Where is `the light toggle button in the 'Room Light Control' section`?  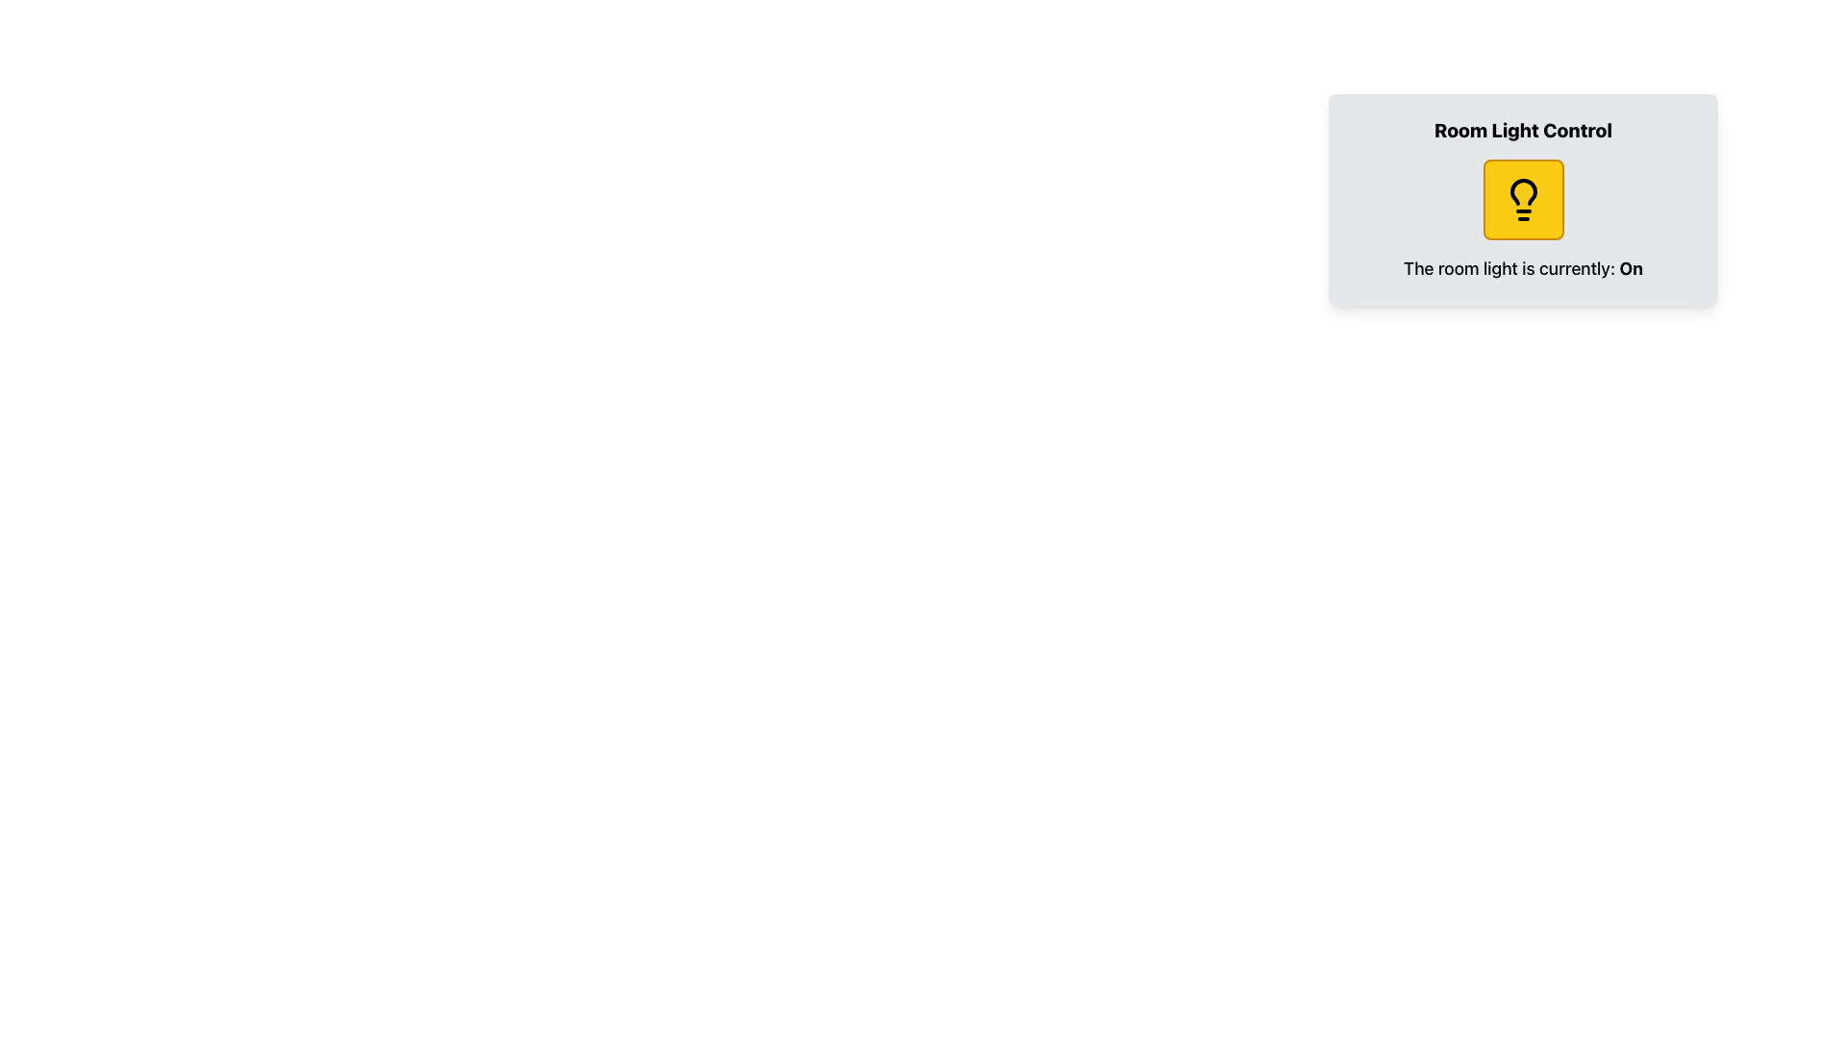 the light toggle button in the 'Room Light Control' section is located at coordinates (1522, 200).